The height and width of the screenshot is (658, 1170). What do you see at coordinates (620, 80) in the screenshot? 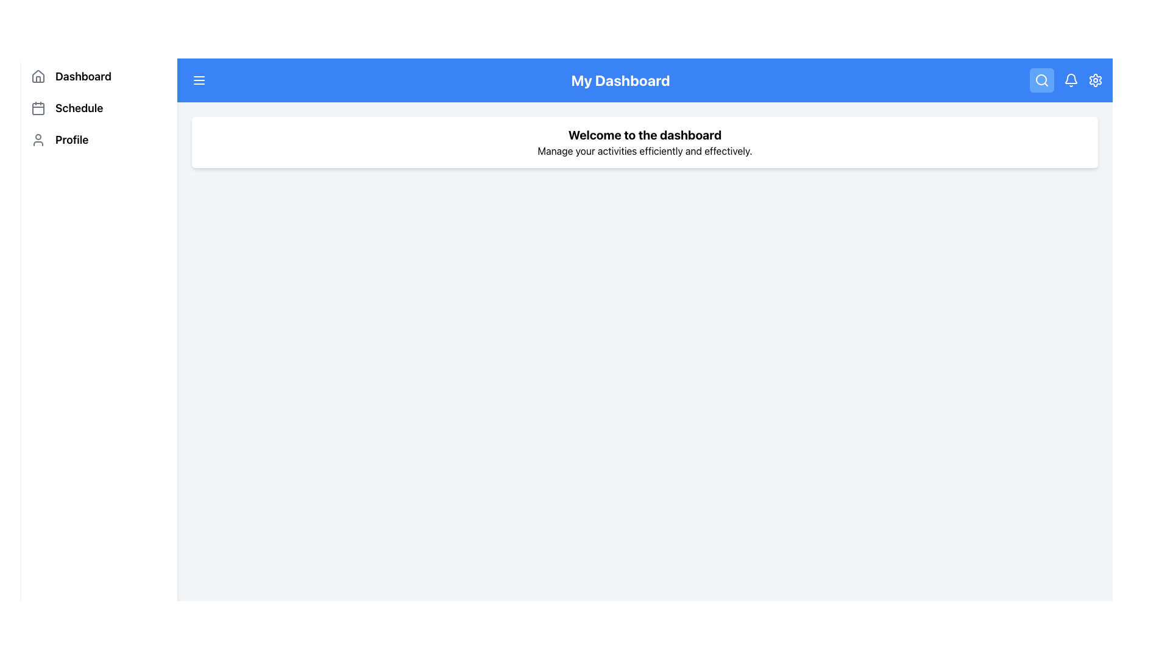
I see `the 'My Dashboard' text element displayed in bold at the center top of the blue banner` at bounding box center [620, 80].